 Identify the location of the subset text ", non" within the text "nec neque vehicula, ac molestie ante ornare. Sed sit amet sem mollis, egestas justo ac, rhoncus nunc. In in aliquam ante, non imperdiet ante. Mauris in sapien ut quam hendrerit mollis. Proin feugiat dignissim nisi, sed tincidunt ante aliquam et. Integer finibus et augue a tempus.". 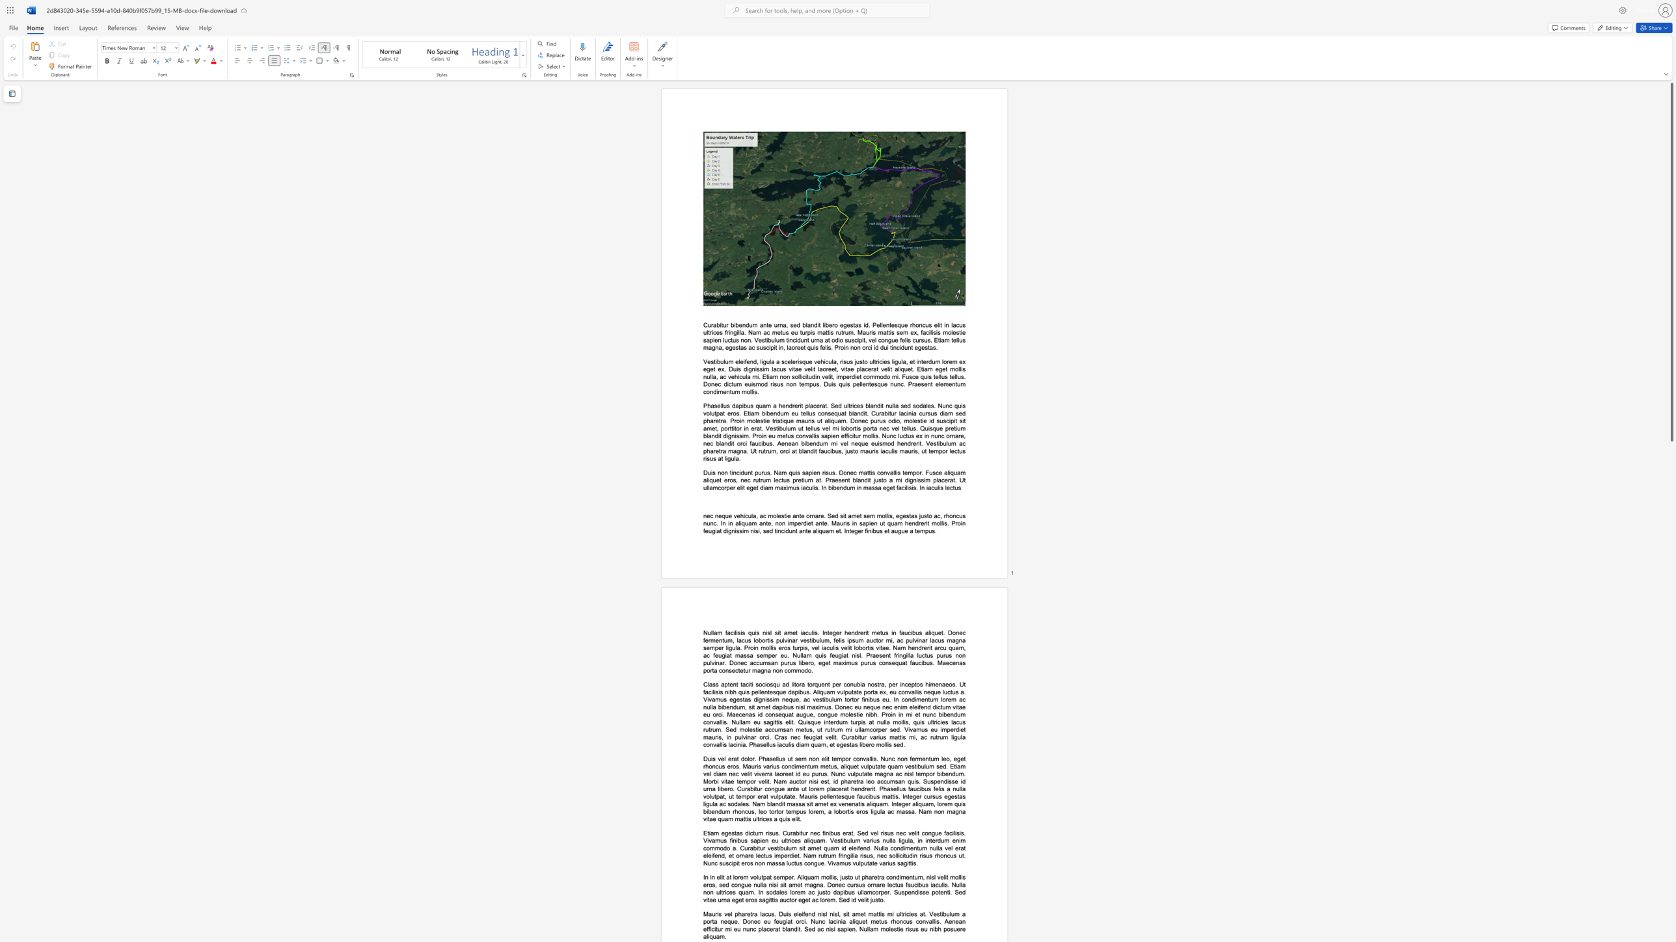
(770, 523).